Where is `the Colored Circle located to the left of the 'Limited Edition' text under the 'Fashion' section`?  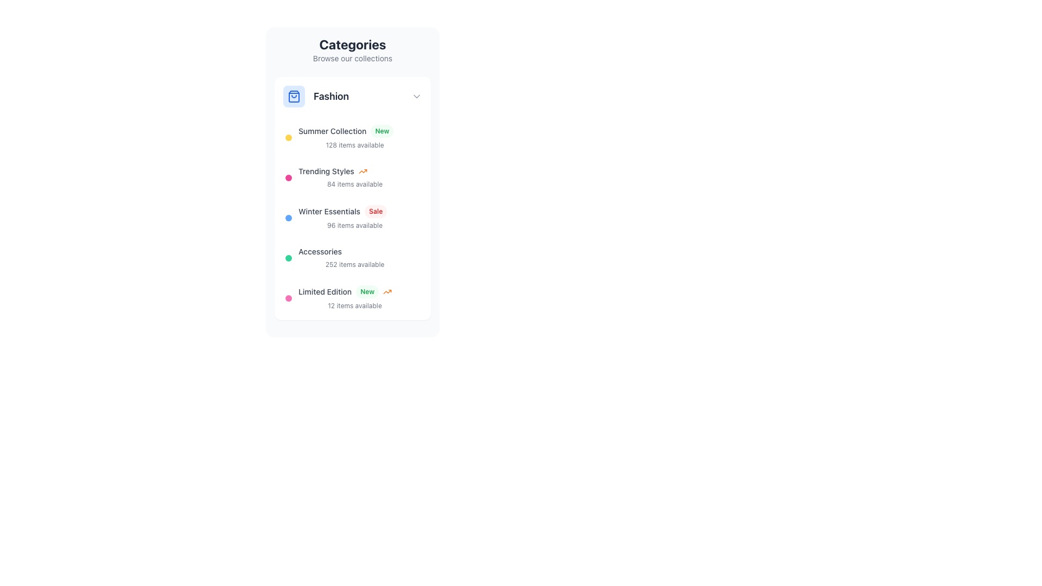 the Colored Circle located to the left of the 'Limited Edition' text under the 'Fashion' section is located at coordinates (289, 298).